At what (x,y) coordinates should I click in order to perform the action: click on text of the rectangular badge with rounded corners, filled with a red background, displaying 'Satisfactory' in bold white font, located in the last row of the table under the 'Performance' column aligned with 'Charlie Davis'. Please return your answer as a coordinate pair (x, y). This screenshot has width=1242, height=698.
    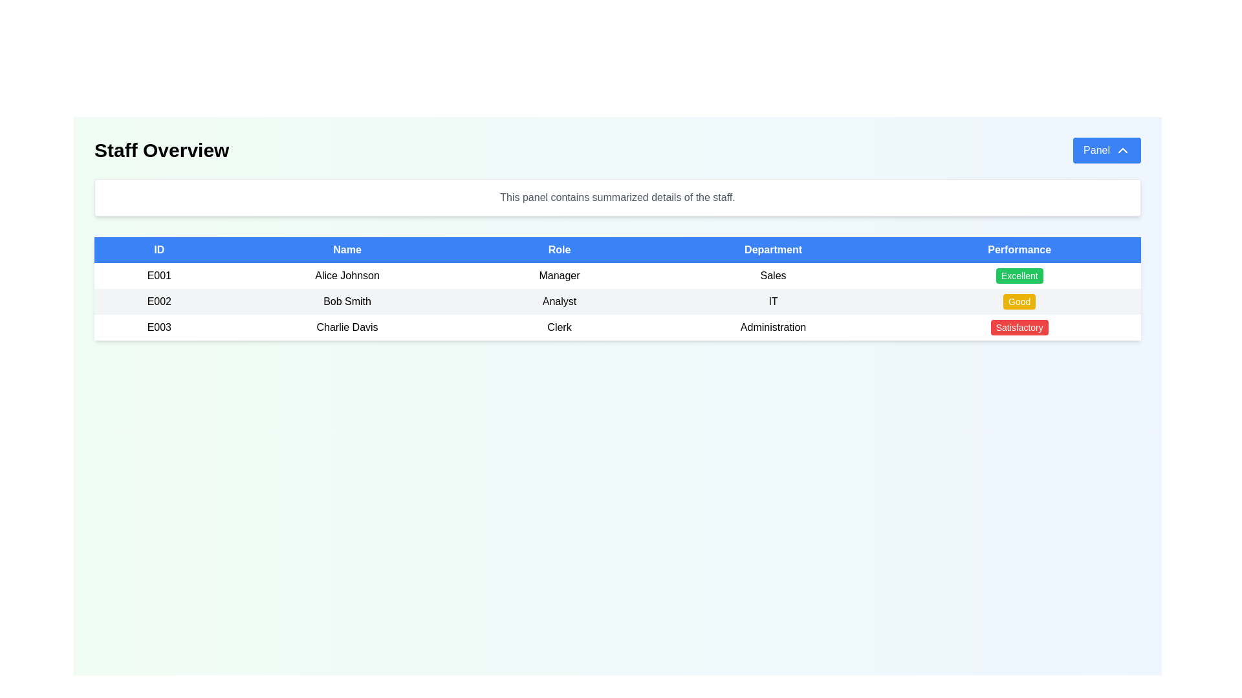
    Looking at the image, I should click on (1019, 326).